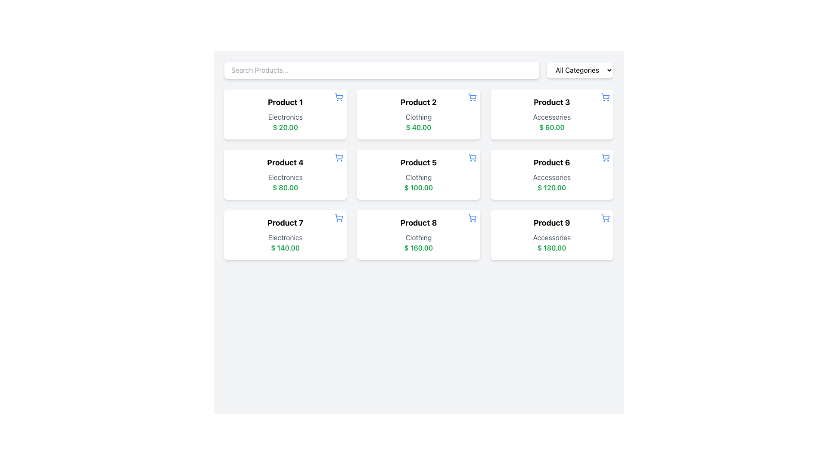  What do you see at coordinates (285, 235) in the screenshot?
I see `the product card that displays the name, category, and price, located in the first element of the third row in a three-column grid layout` at bounding box center [285, 235].